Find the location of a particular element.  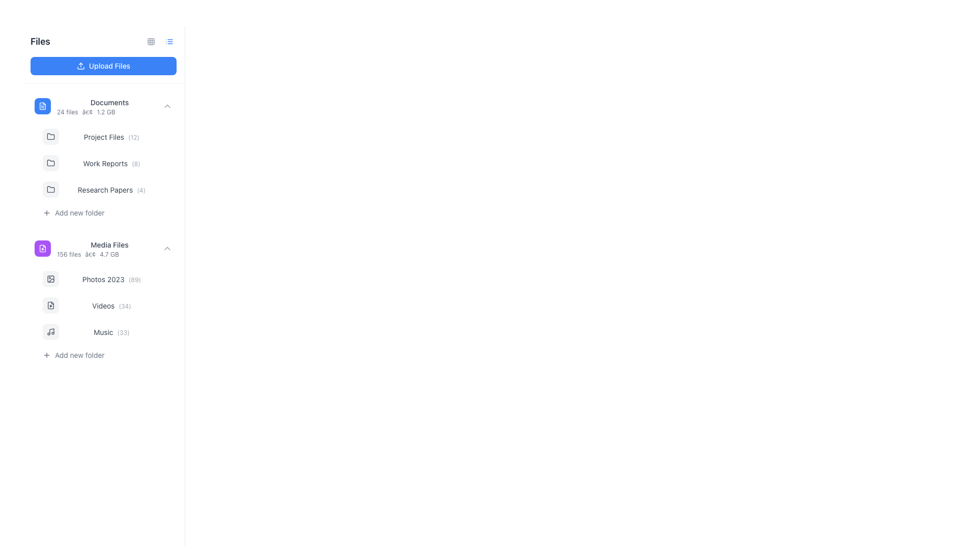

the 'Music' text label in the left-side navigation menu, located under the 'Media Files' section is located at coordinates (111, 331).